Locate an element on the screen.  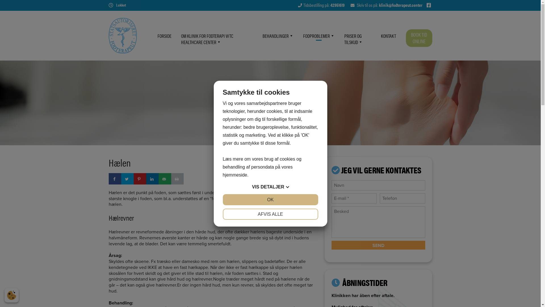
'KONTAKT' is located at coordinates (388, 36).